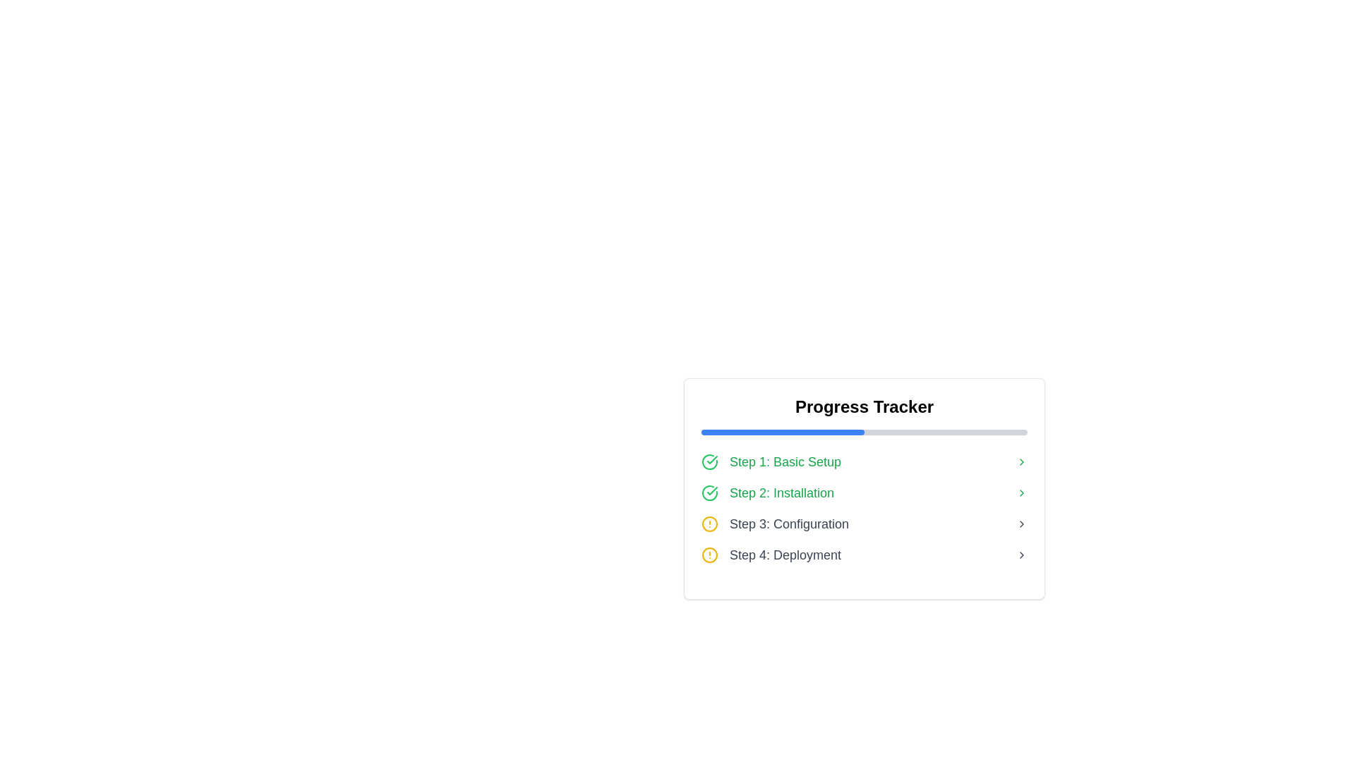 The height and width of the screenshot is (762, 1355). Describe the element at coordinates (1022, 492) in the screenshot. I see `the navigation icon at the end of the 'Step 2: Installation' line` at that location.